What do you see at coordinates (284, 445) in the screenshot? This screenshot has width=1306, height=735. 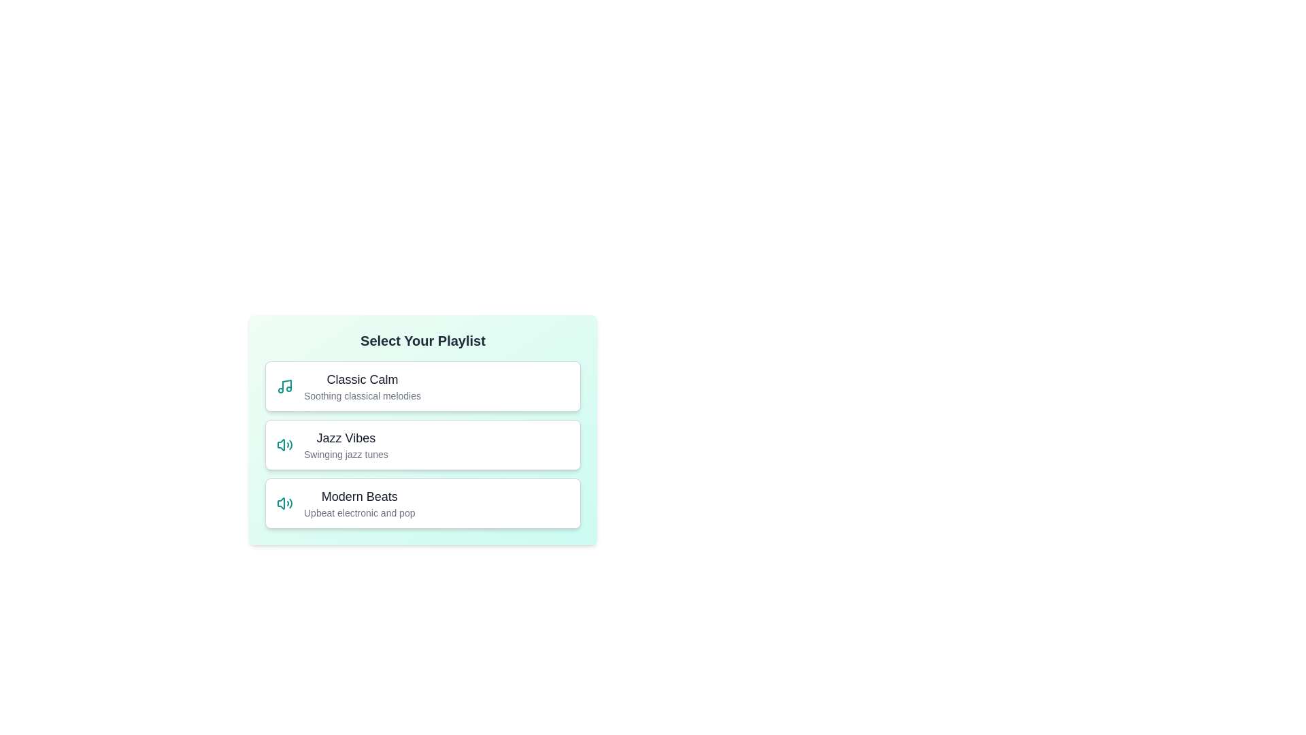 I see `the speaker icon with sound waves in the 'Jazz Vibes' playlist item, located on the left side of the item` at bounding box center [284, 445].